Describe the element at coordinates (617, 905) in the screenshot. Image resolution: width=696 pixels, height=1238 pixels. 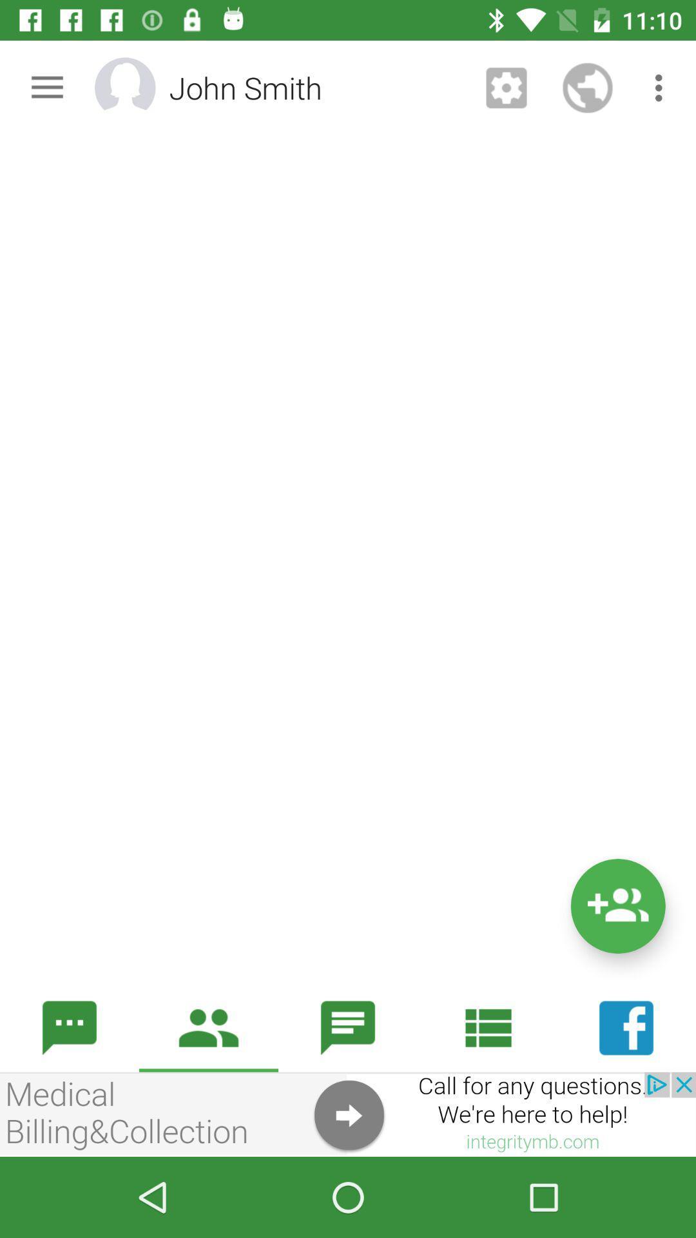
I see `add option` at that location.